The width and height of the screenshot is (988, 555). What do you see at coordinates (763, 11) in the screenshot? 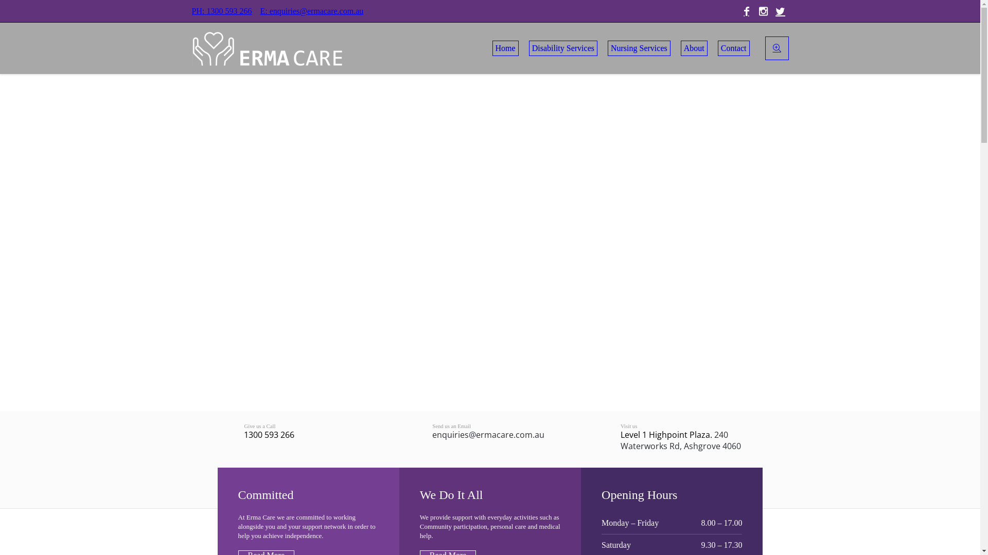
I see `'Instagram'` at bounding box center [763, 11].